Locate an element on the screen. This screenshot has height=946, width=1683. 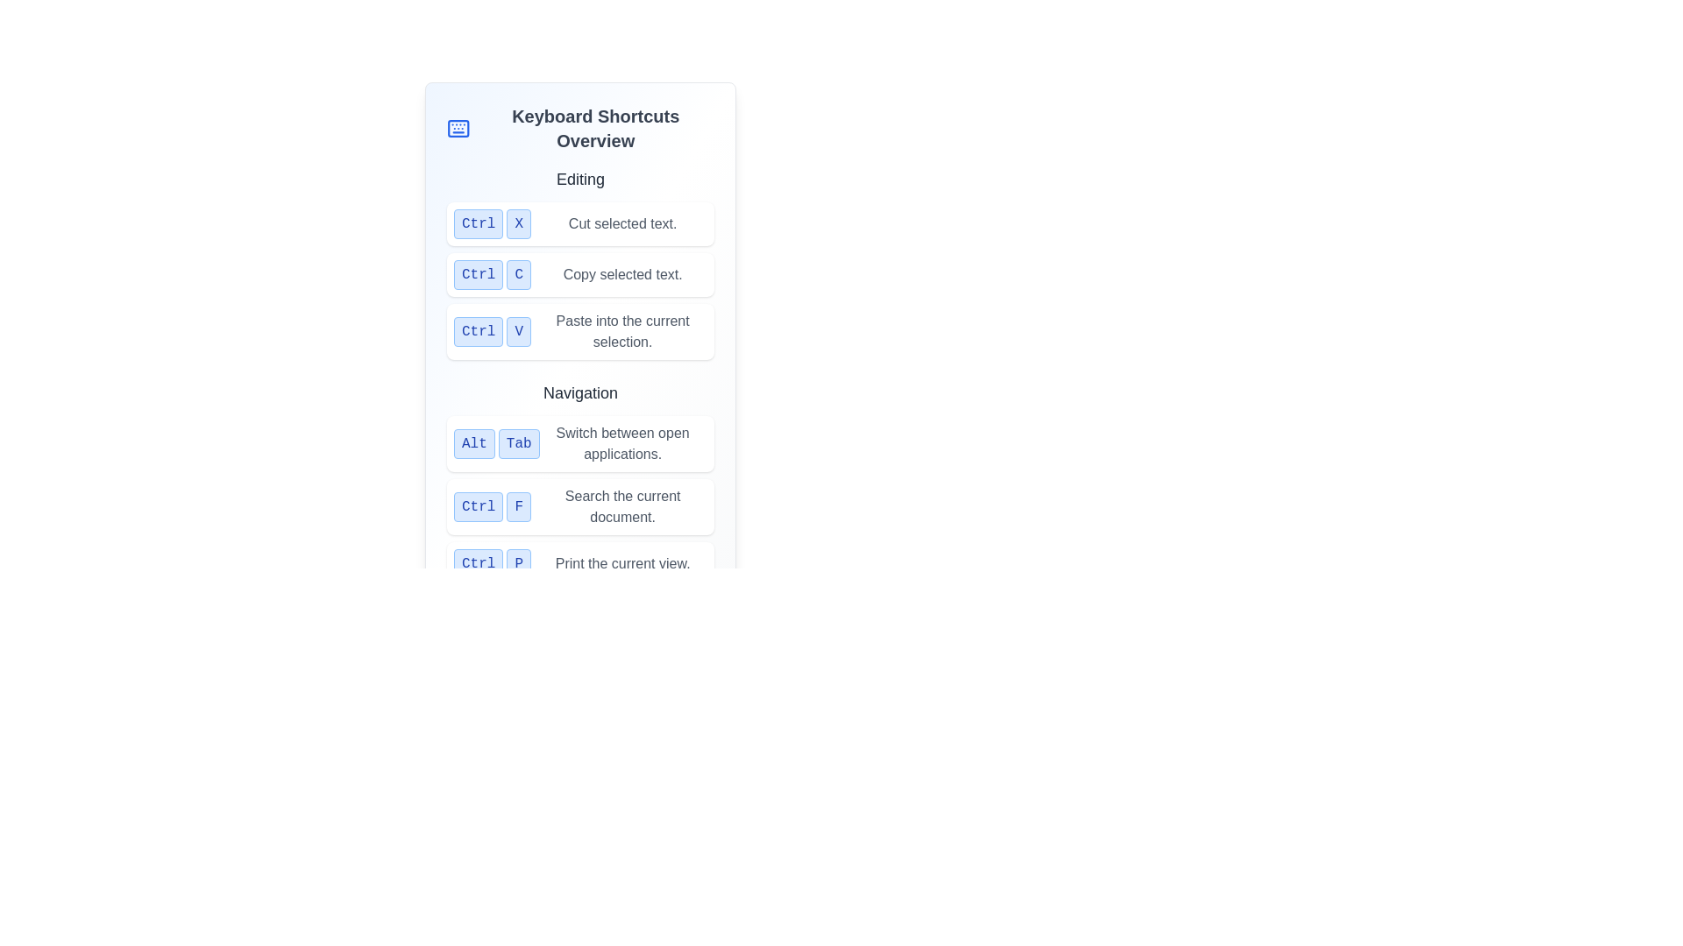
the text label indicating keyboard shortcuts category, located in the upper-middle part of the context, centrally aligned after the 'Editing' section is located at coordinates (580, 392).